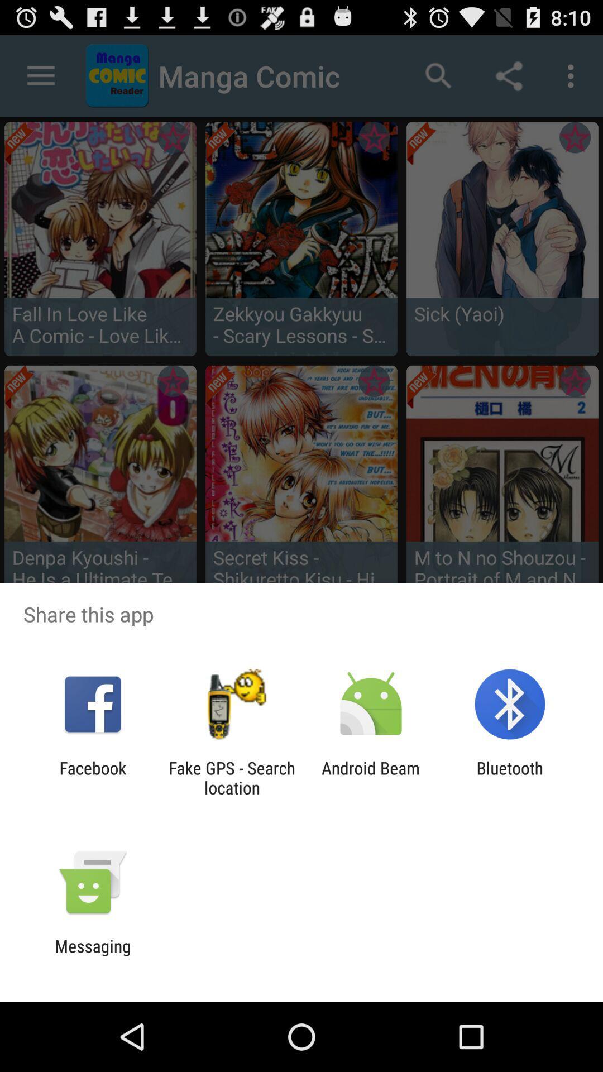 The image size is (603, 1072). Describe the element at coordinates (92, 777) in the screenshot. I see `item next to the fake gps search icon` at that location.